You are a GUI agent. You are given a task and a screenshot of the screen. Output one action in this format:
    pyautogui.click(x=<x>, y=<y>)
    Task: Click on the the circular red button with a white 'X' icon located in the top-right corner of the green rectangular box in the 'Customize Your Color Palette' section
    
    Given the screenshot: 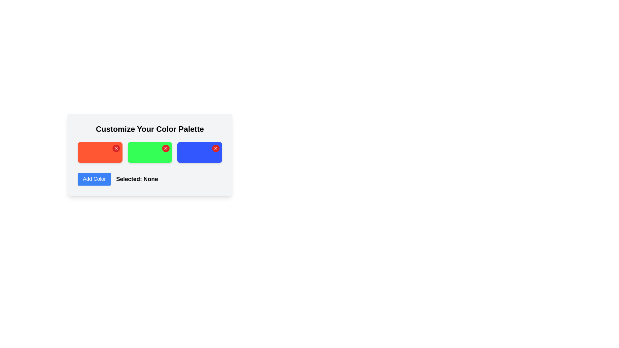 What is the action you would take?
    pyautogui.click(x=166, y=148)
    